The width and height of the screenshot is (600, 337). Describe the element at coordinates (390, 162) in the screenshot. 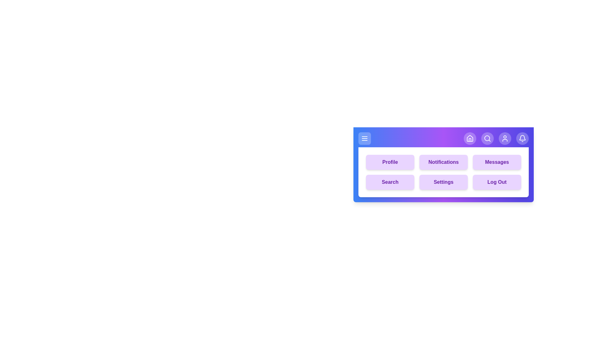

I see `the menu button labeled Profile` at that location.